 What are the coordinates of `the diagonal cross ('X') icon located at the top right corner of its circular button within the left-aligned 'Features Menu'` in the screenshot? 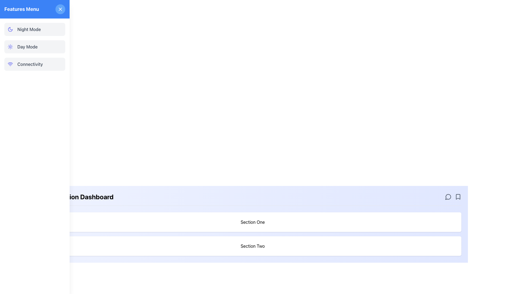 It's located at (60, 9).